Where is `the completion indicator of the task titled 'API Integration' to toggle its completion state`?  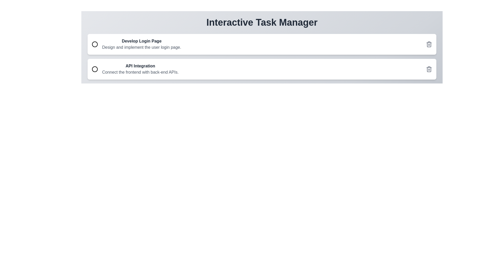
the completion indicator of the task titled 'API Integration' to toggle its completion state is located at coordinates (95, 69).